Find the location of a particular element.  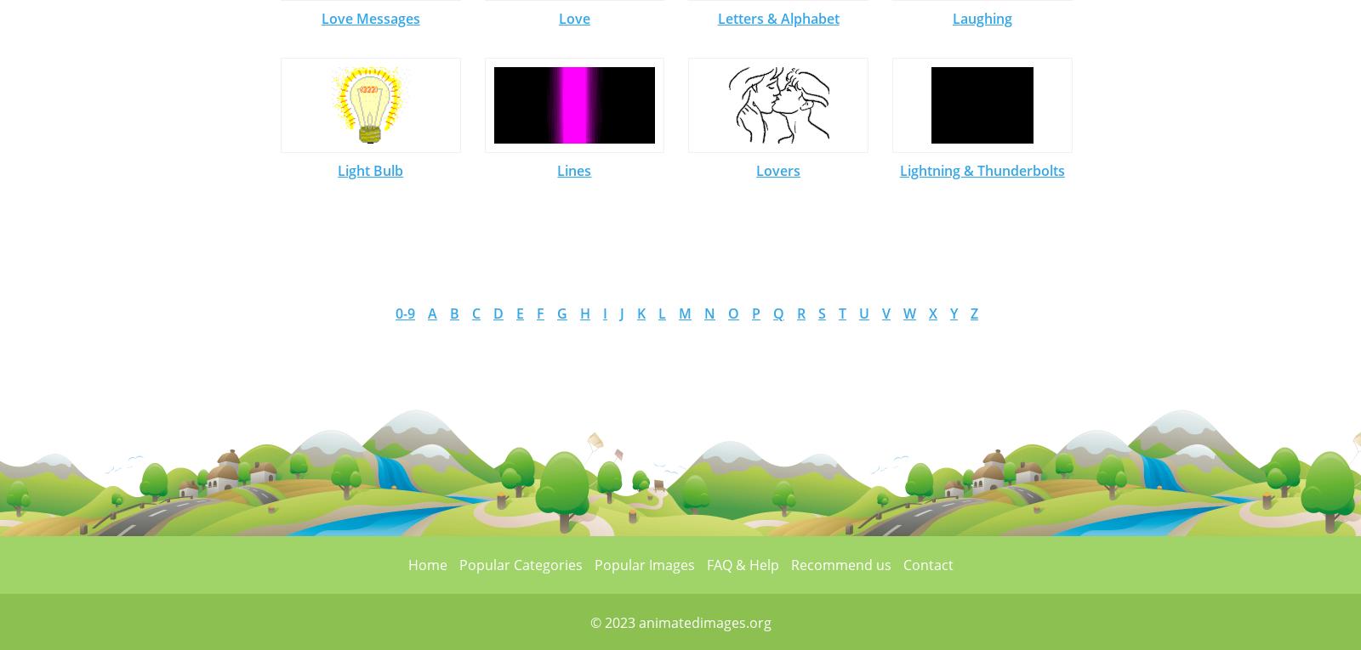

'K' is located at coordinates (641, 313).